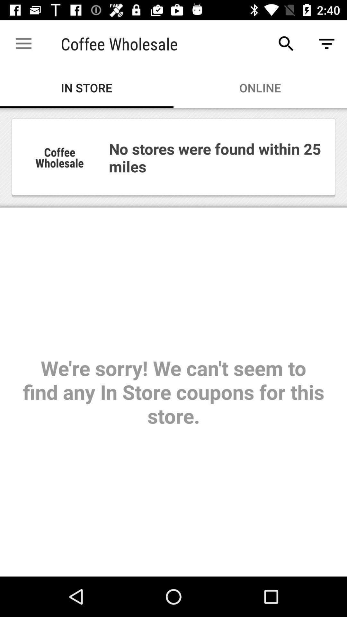 Image resolution: width=347 pixels, height=617 pixels. I want to click on the app next to the coffee wholesale app, so click(286, 43).